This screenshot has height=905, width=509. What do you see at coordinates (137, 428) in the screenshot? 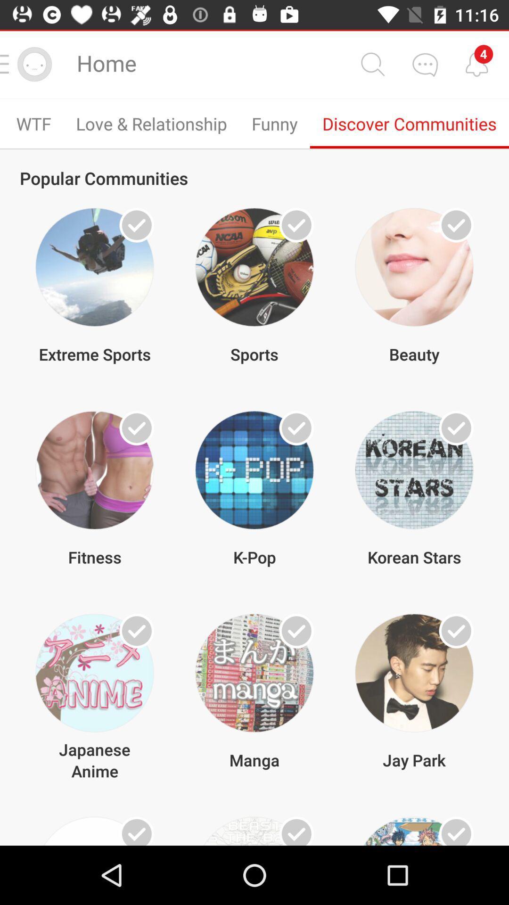
I see `check box for fitness` at bounding box center [137, 428].